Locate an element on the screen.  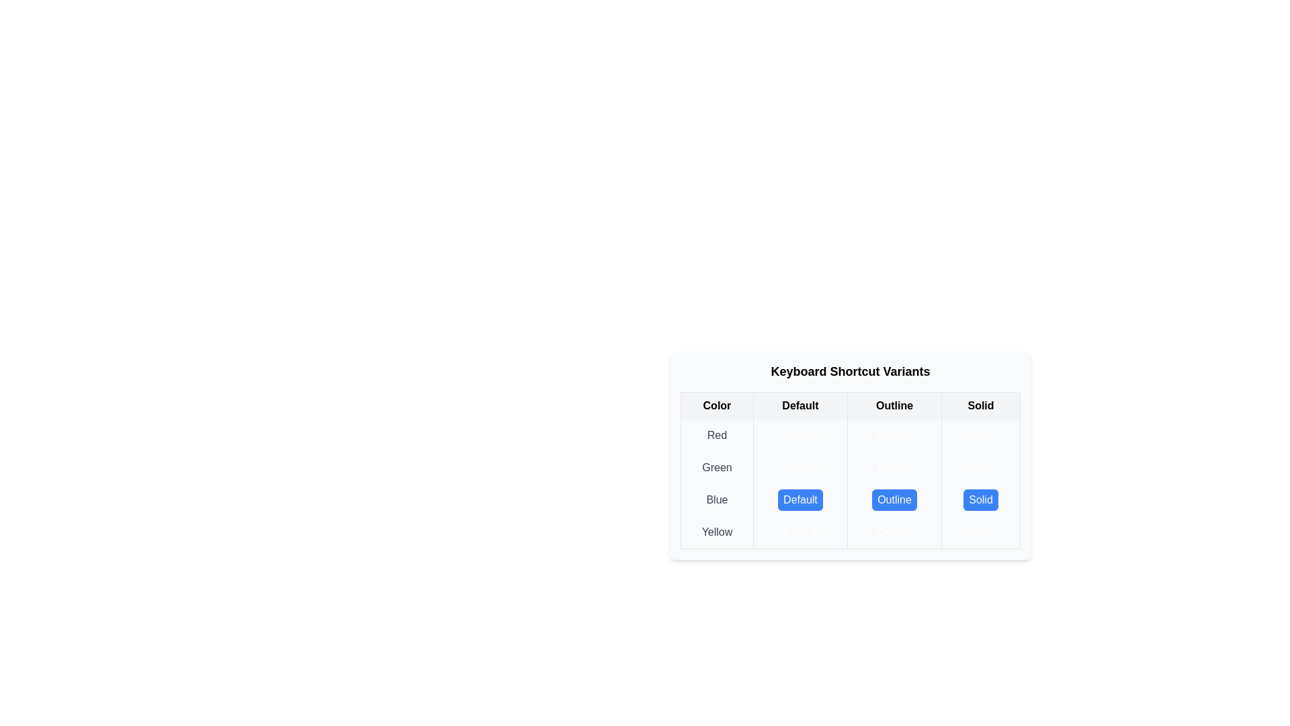
the rectangular green button labeled 'Outline' to observe its hover effect is located at coordinates (894, 467).